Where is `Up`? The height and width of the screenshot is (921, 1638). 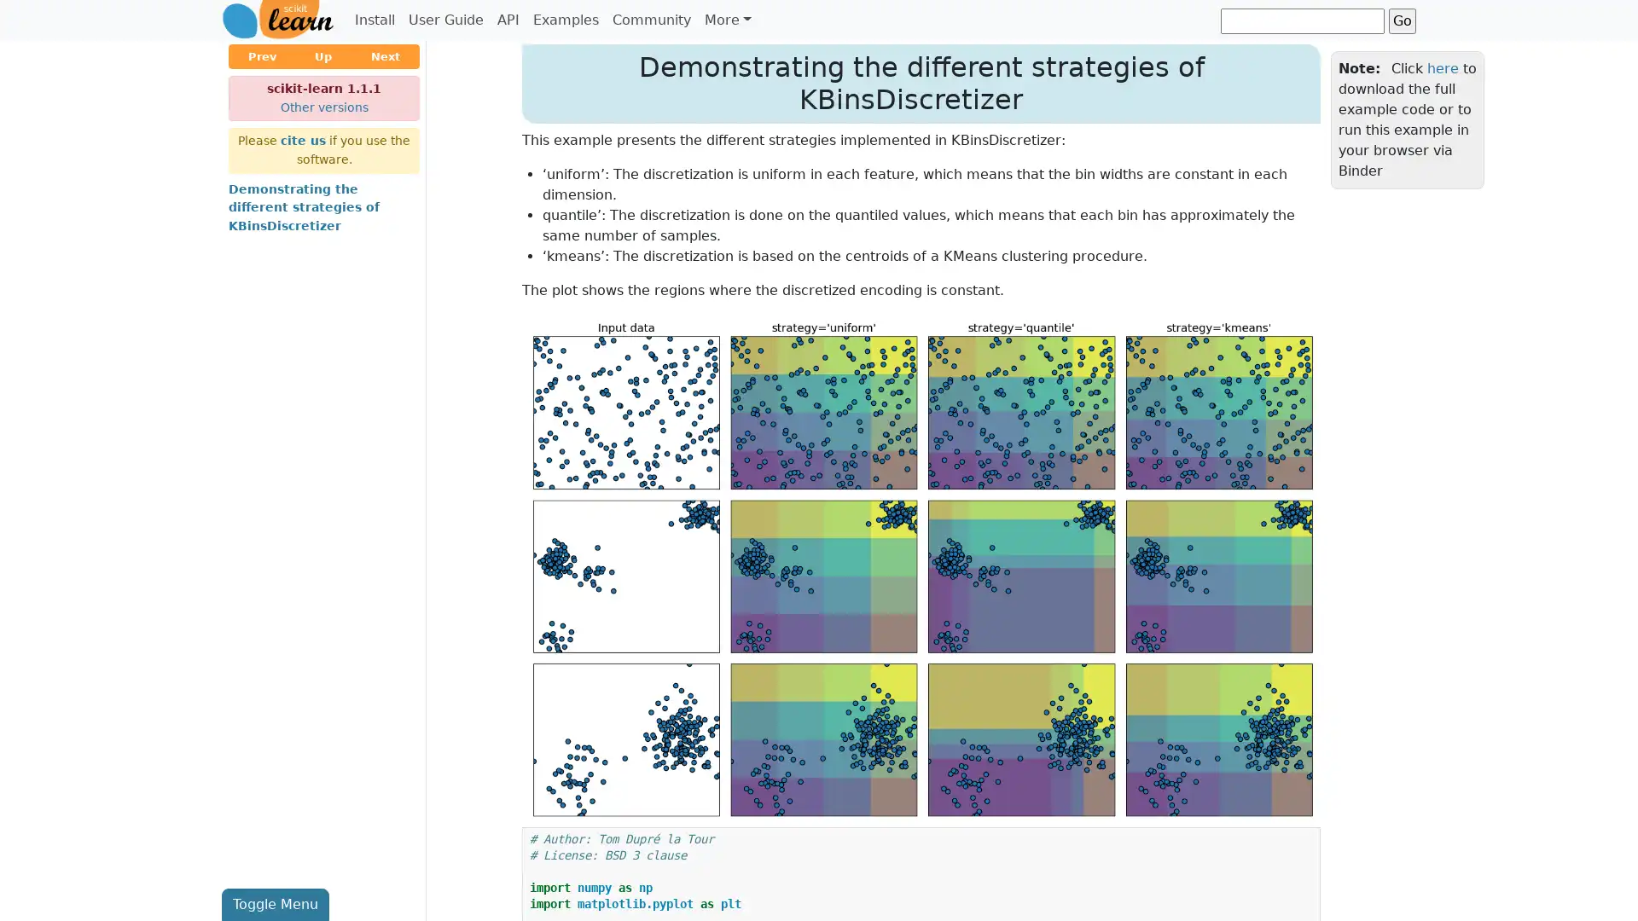
Up is located at coordinates (323, 55).